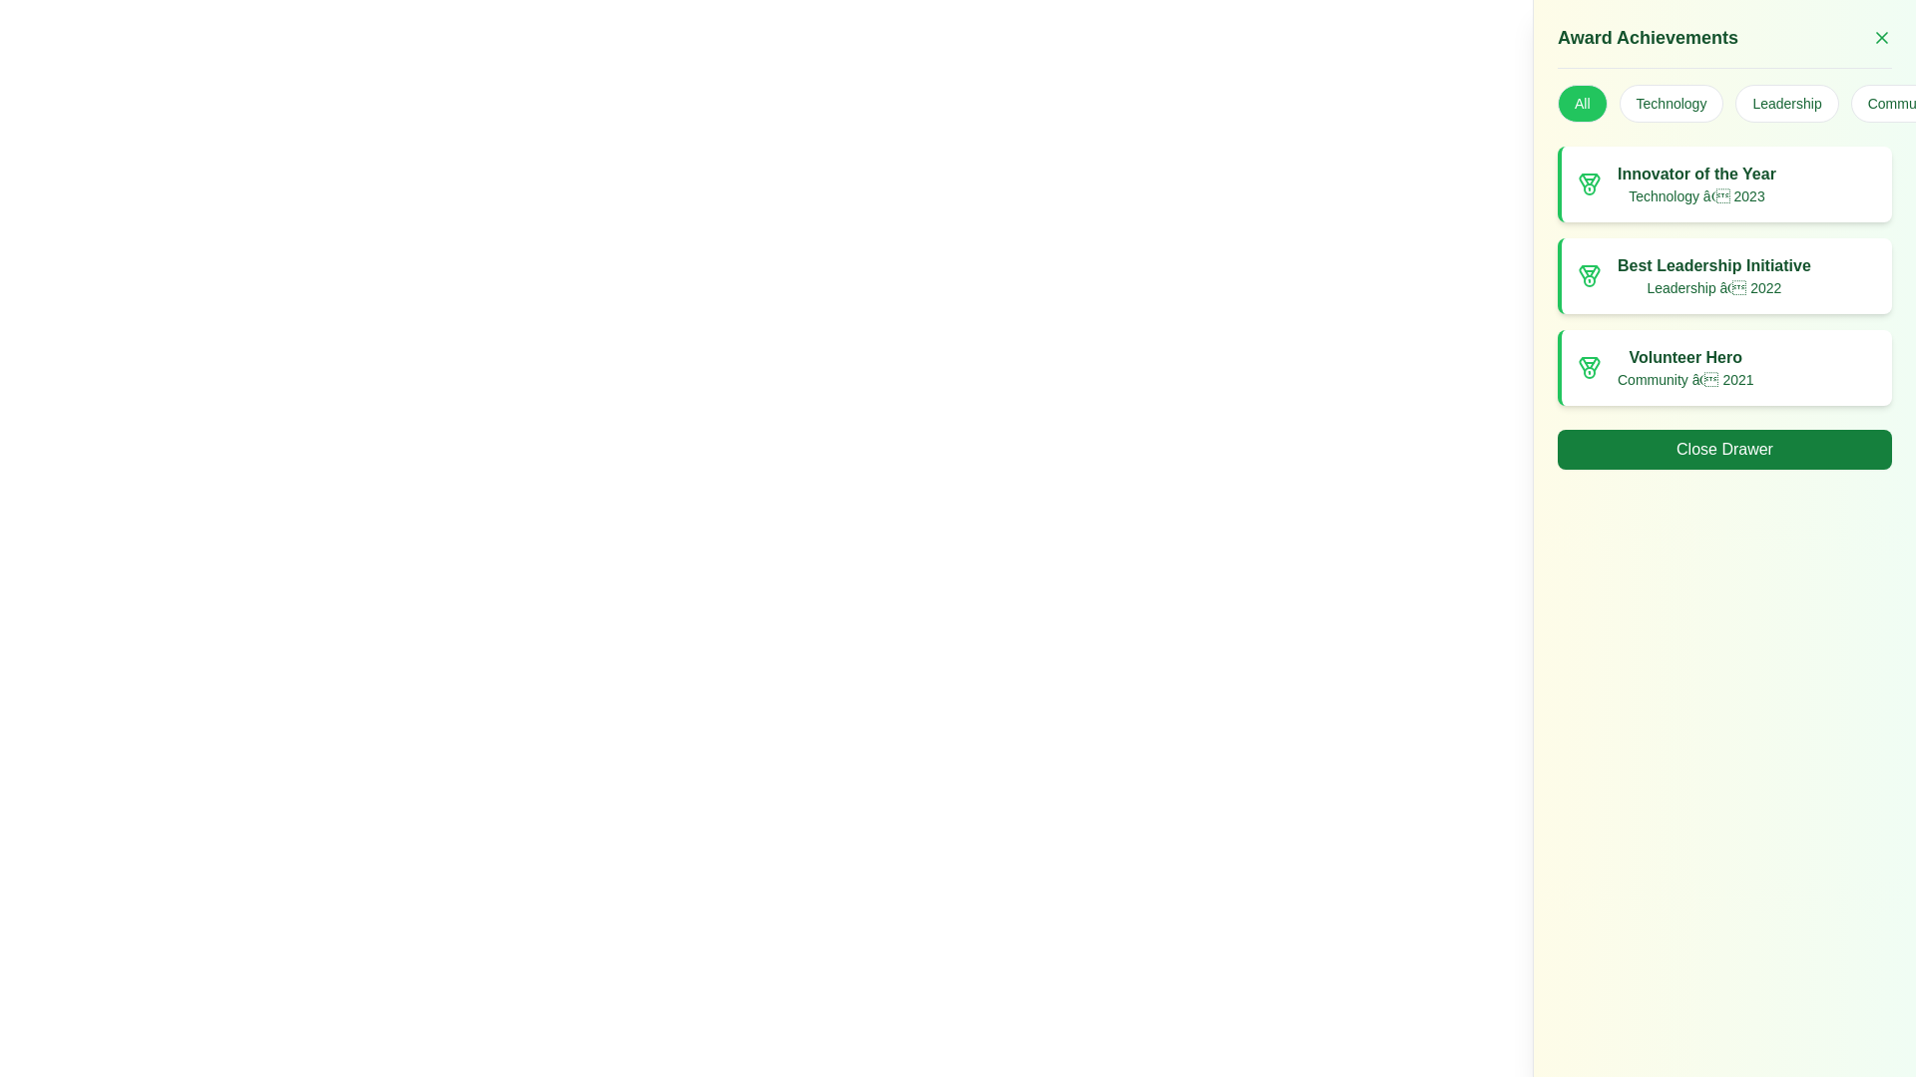 This screenshot has height=1077, width=1916. Describe the element at coordinates (1589, 276) in the screenshot. I see `the SVG icon resembling a medal with a green outline located next to the title 'Best Leadership Initiative' in the second card of the achievements list` at that location.